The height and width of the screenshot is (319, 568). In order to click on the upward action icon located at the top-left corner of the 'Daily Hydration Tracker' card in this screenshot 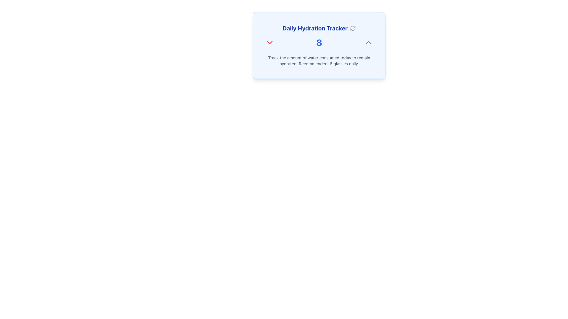, I will do `click(368, 42)`.